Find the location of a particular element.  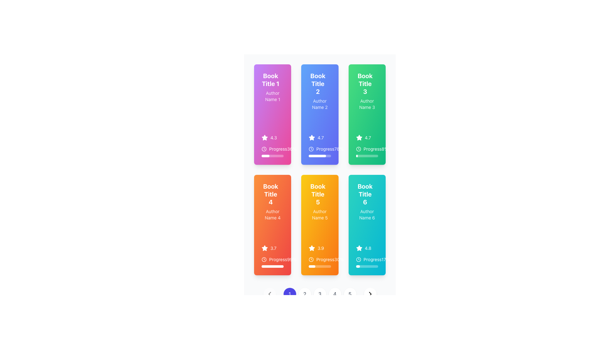

the Progress bar located at the bottom of the 'Book Title 6' card, which visually represents the progress of an action with a percentage of completion shown as 'Progress17%' is located at coordinates (367, 266).